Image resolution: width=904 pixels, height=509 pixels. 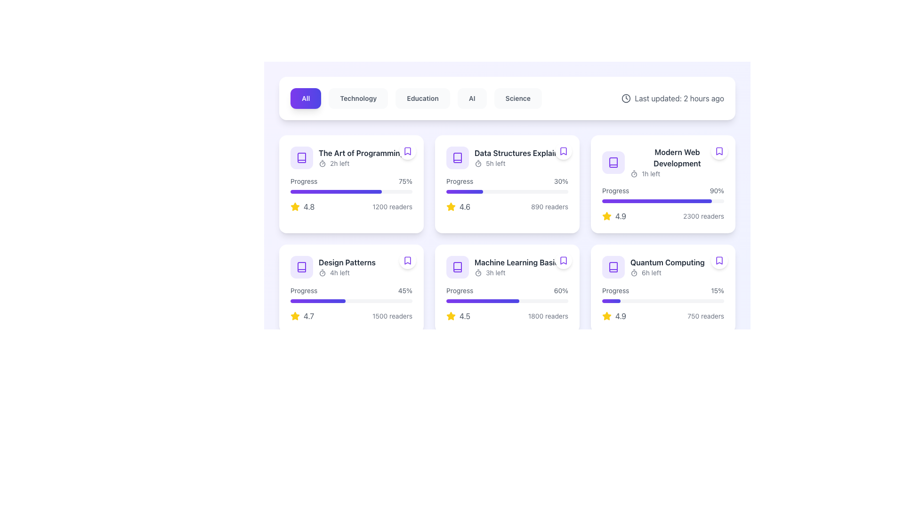 I want to click on the violet book icon located in the upper left segment of the card titled 'The Art of Programming' to interact with it, so click(x=302, y=157).